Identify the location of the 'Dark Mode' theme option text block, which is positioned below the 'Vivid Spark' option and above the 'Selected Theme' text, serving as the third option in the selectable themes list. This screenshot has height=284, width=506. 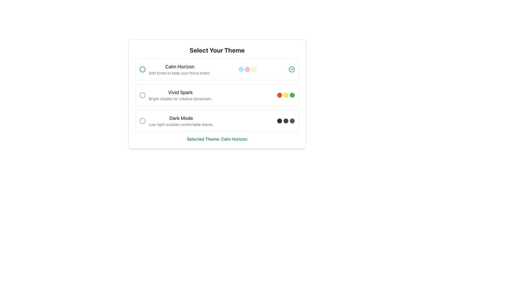
(181, 121).